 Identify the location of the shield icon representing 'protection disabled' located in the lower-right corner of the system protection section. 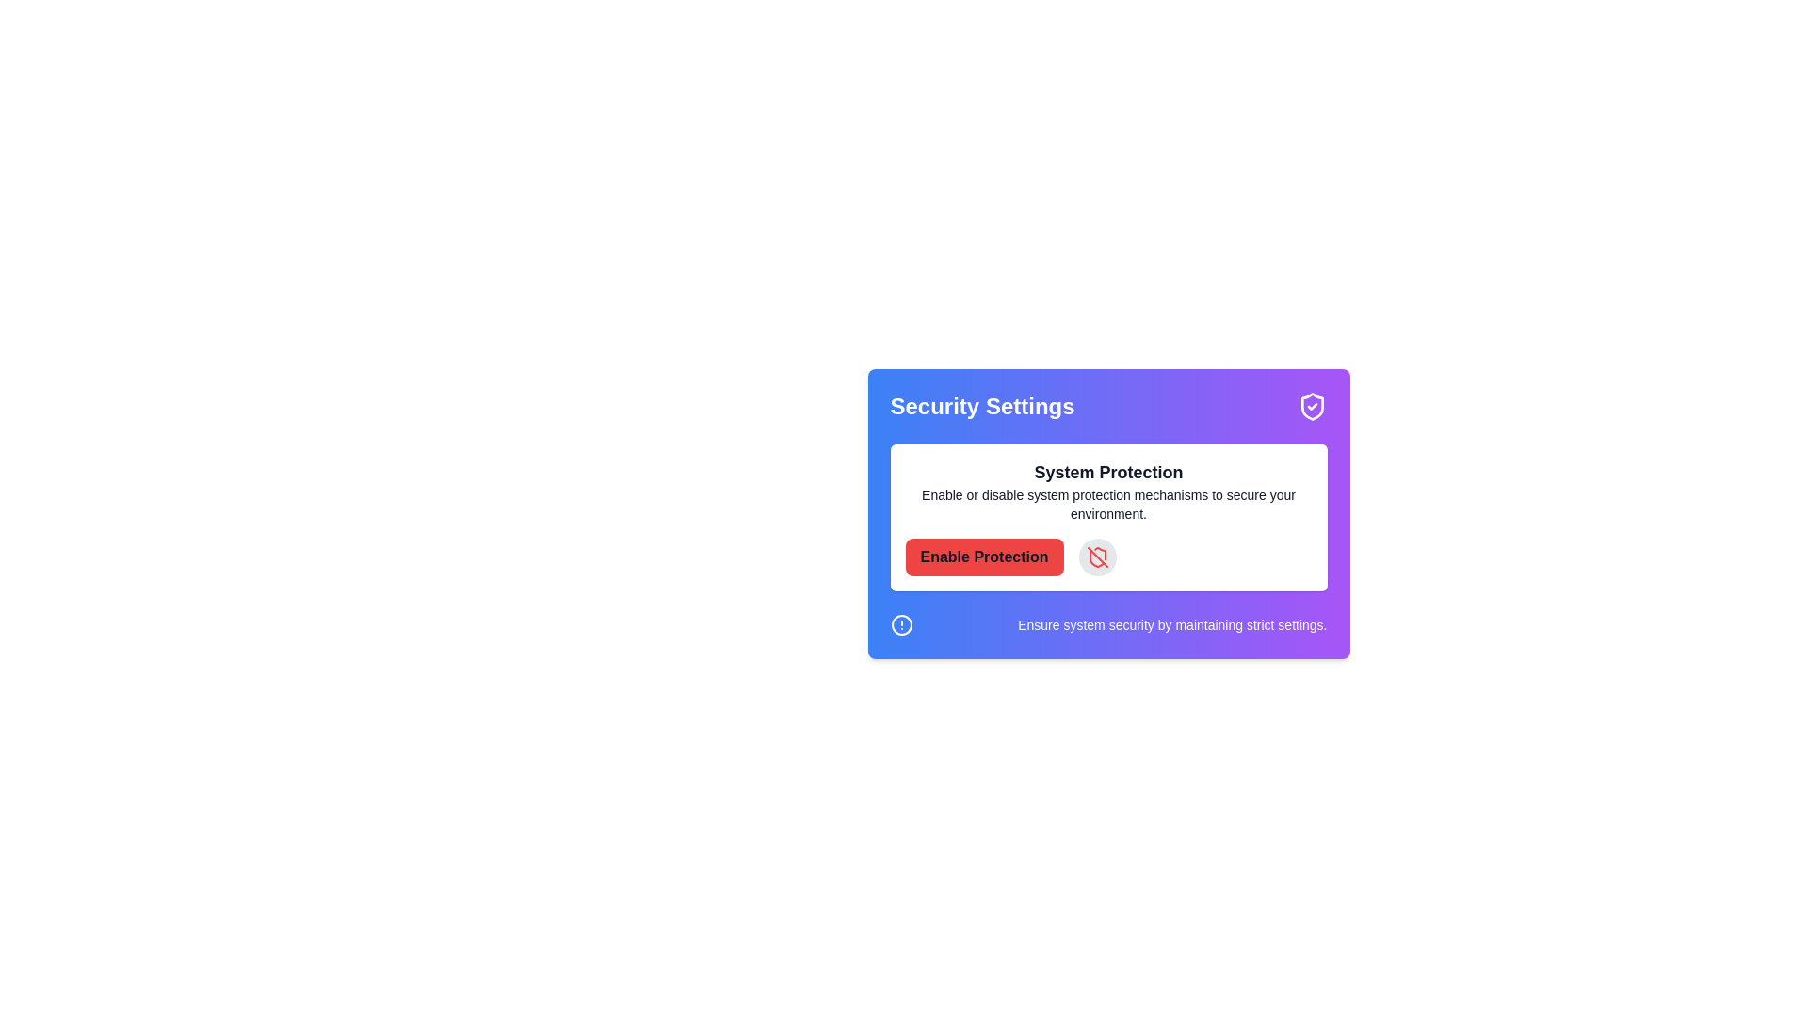
(1097, 556).